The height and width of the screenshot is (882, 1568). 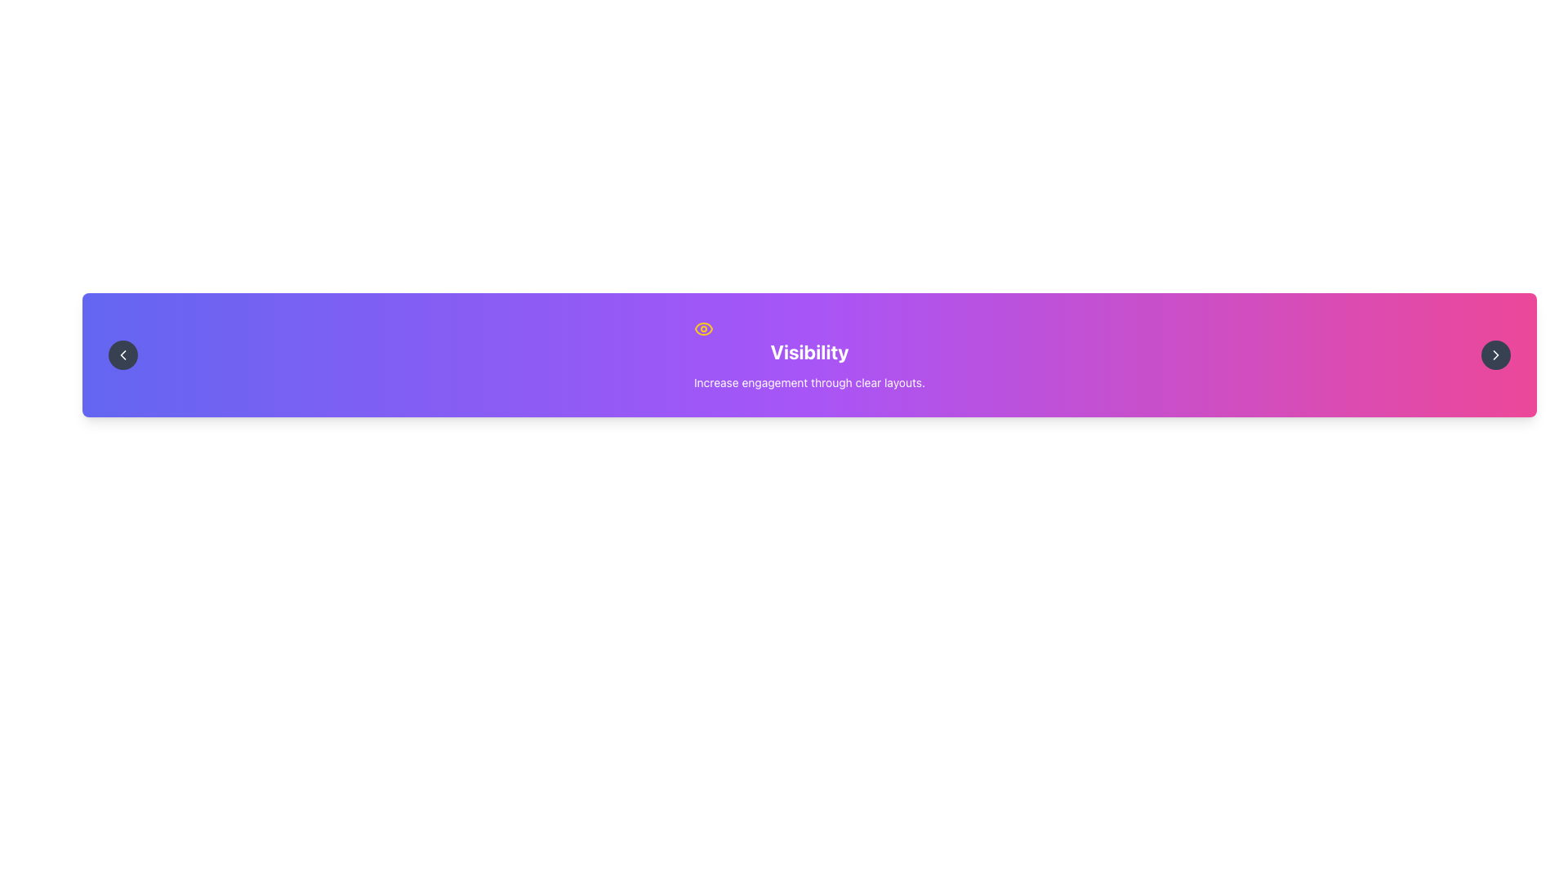 I want to click on the Icon Button (Chevron Left) located at the top-left area of the bar, so click(x=122, y=354).